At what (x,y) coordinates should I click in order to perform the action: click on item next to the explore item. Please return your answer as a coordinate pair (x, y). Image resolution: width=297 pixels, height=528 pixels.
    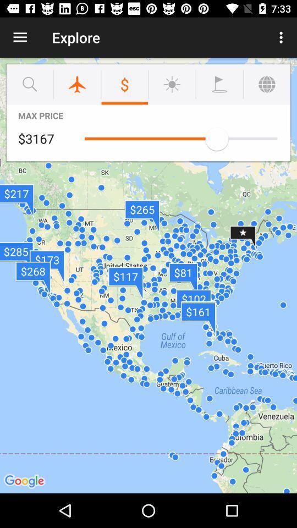
    Looking at the image, I should click on (20, 37).